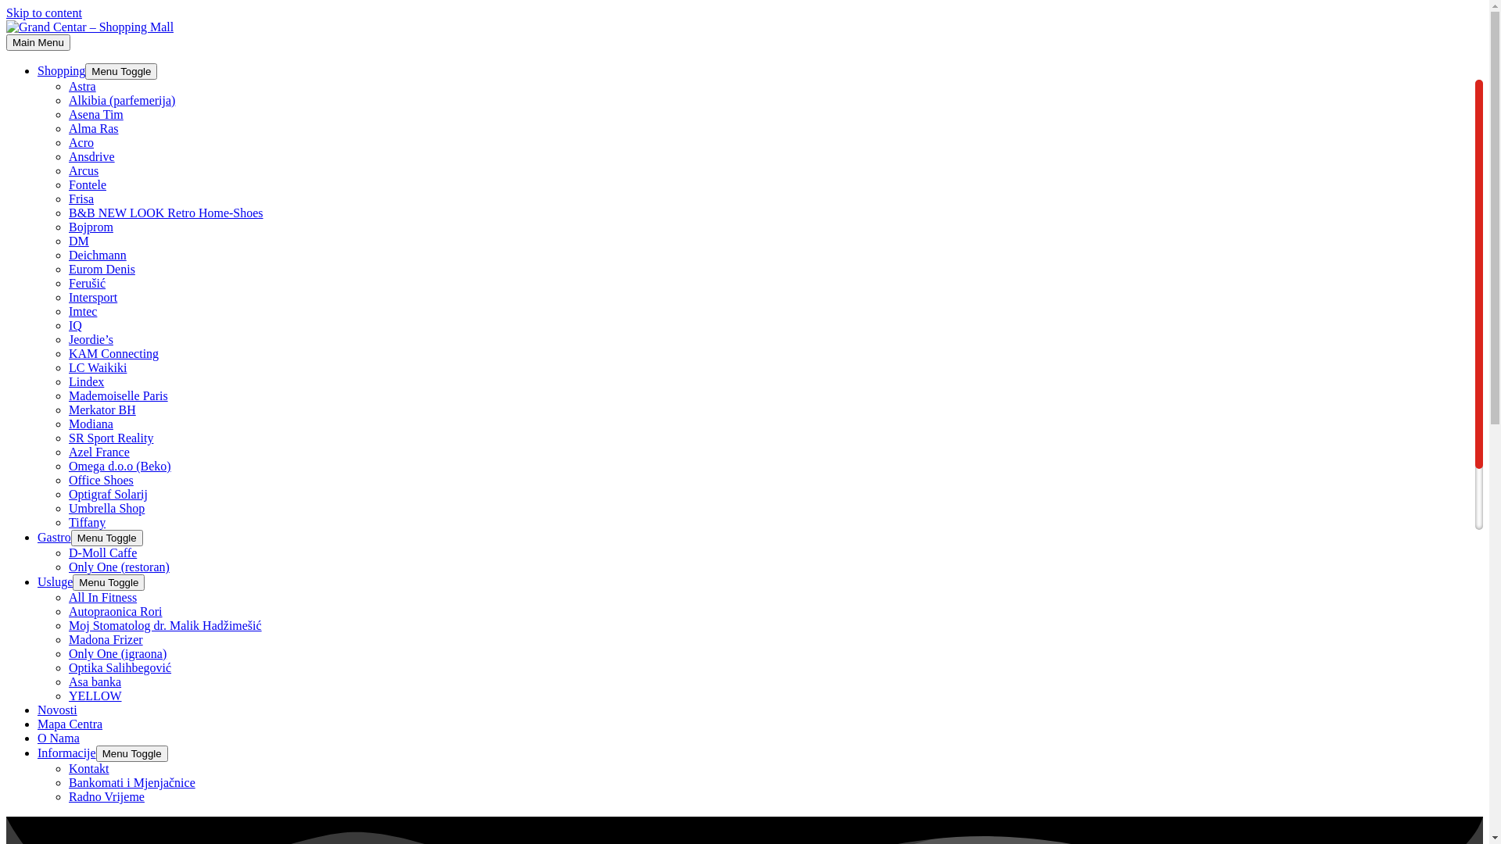  What do you see at coordinates (67, 695) in the screenshot?
I see `'YELLOW'` at bounding box center [67, 695].